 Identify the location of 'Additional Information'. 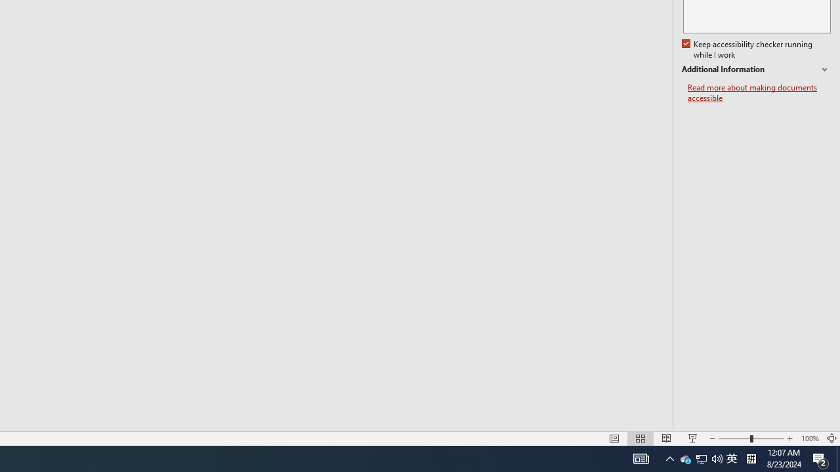
(756, 69).